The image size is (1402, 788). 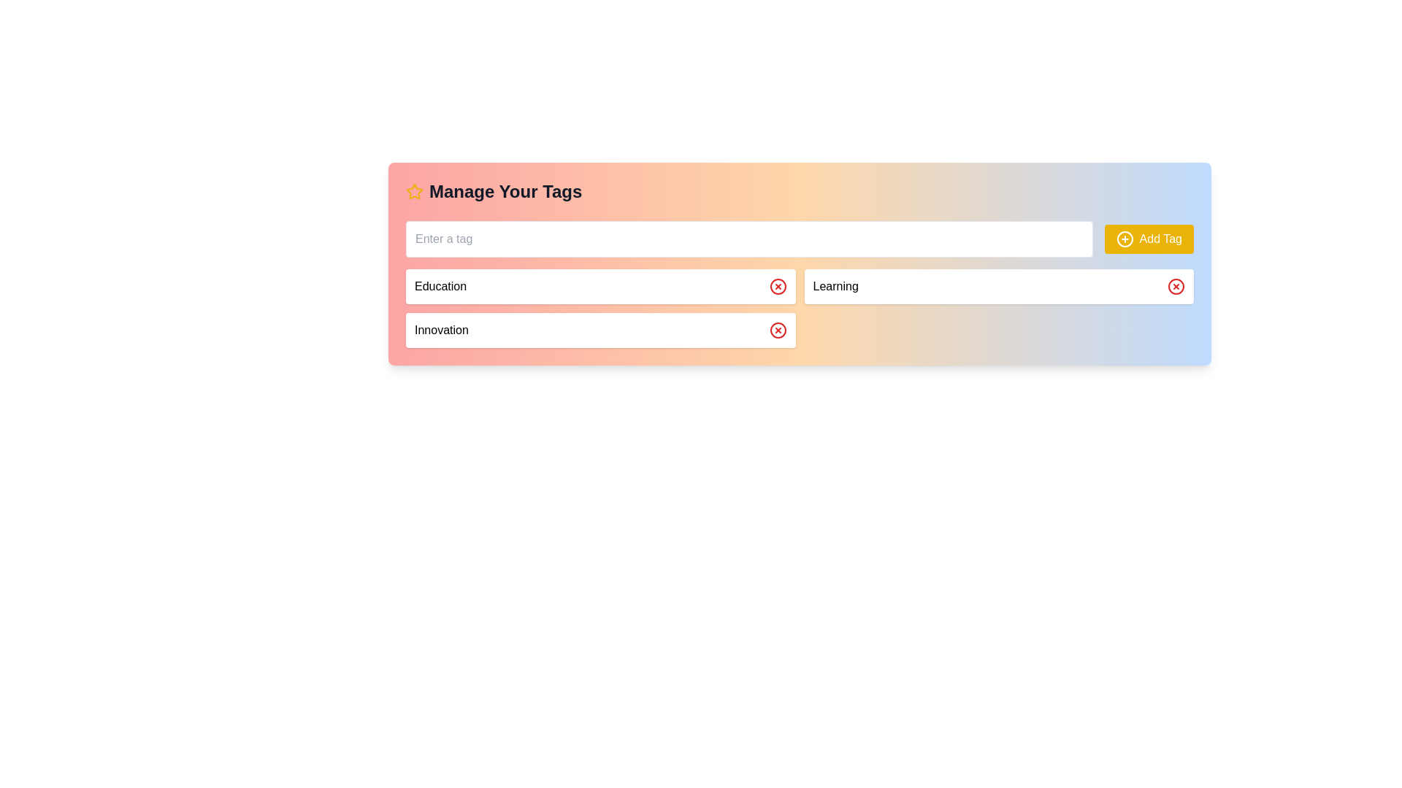 What do you see at coordinates (777, 330) in the screenshot?
I see `the small circular button with a red border and a white background that contains a red 'X' symbol, located next to the text 'Innovation'` at bounding box center [777, 330].